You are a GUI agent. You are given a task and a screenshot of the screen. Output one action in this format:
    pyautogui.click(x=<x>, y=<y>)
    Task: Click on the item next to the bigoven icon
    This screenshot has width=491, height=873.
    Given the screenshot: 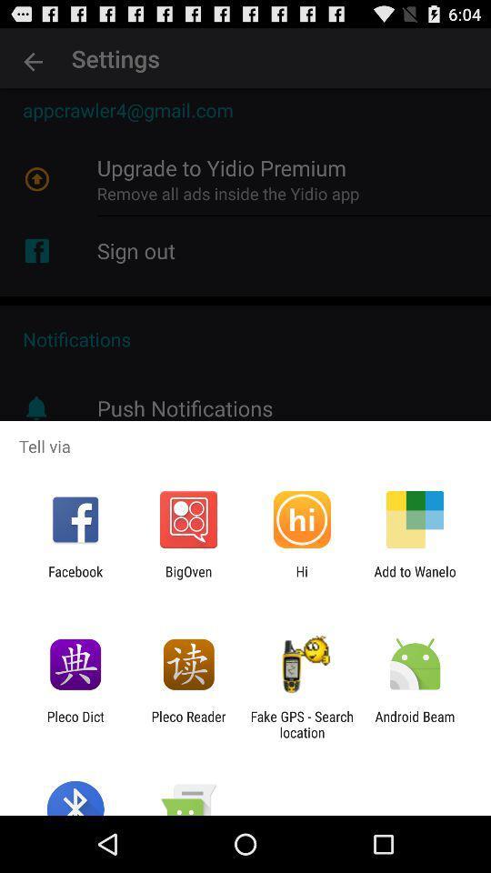 What is the action you would take?
    pyautogui.click(x=302, y=578)
    